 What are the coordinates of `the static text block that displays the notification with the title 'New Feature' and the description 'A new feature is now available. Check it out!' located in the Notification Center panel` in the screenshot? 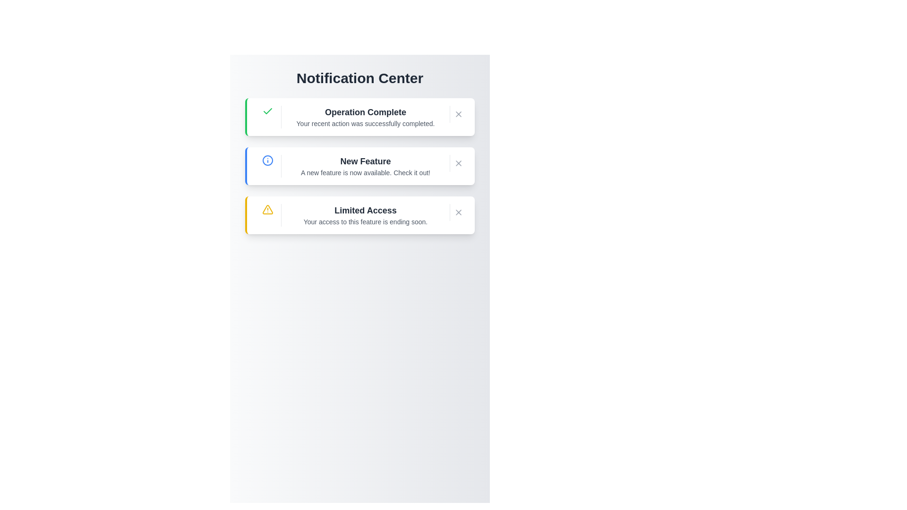 It's located at (365, 165).